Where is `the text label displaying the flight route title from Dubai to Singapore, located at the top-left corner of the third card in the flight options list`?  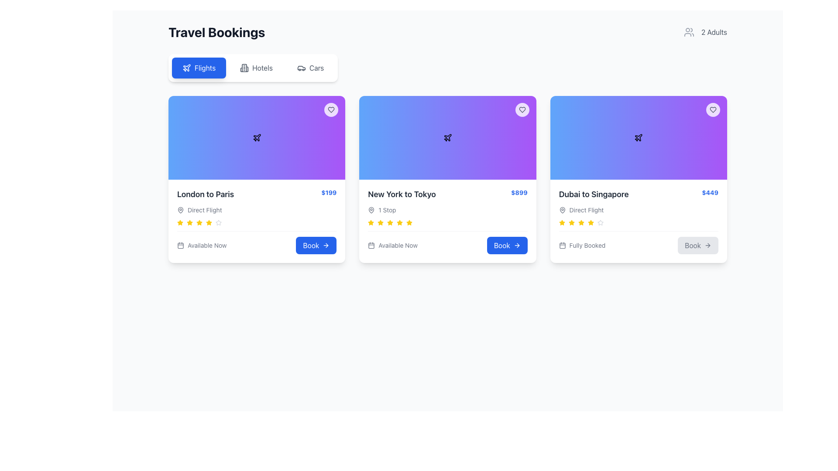 the text label displaying the flight route title from Dubai to Singapore, located at the top-left corner of the third card in the flight options list is located at coordinates (594, 194).